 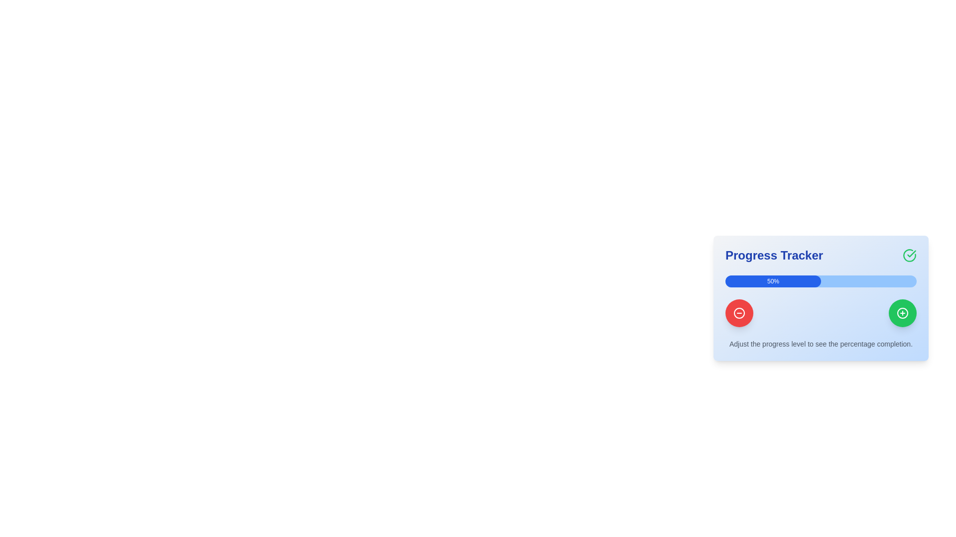 What do you see at coordinates (821, 343) in the screenshot?
I see `instructions provided in the subtle gray text label located at the bottom of the blue progress tracker card, below the progress bar and adjustment buttons` at bounding box center [821, 343].